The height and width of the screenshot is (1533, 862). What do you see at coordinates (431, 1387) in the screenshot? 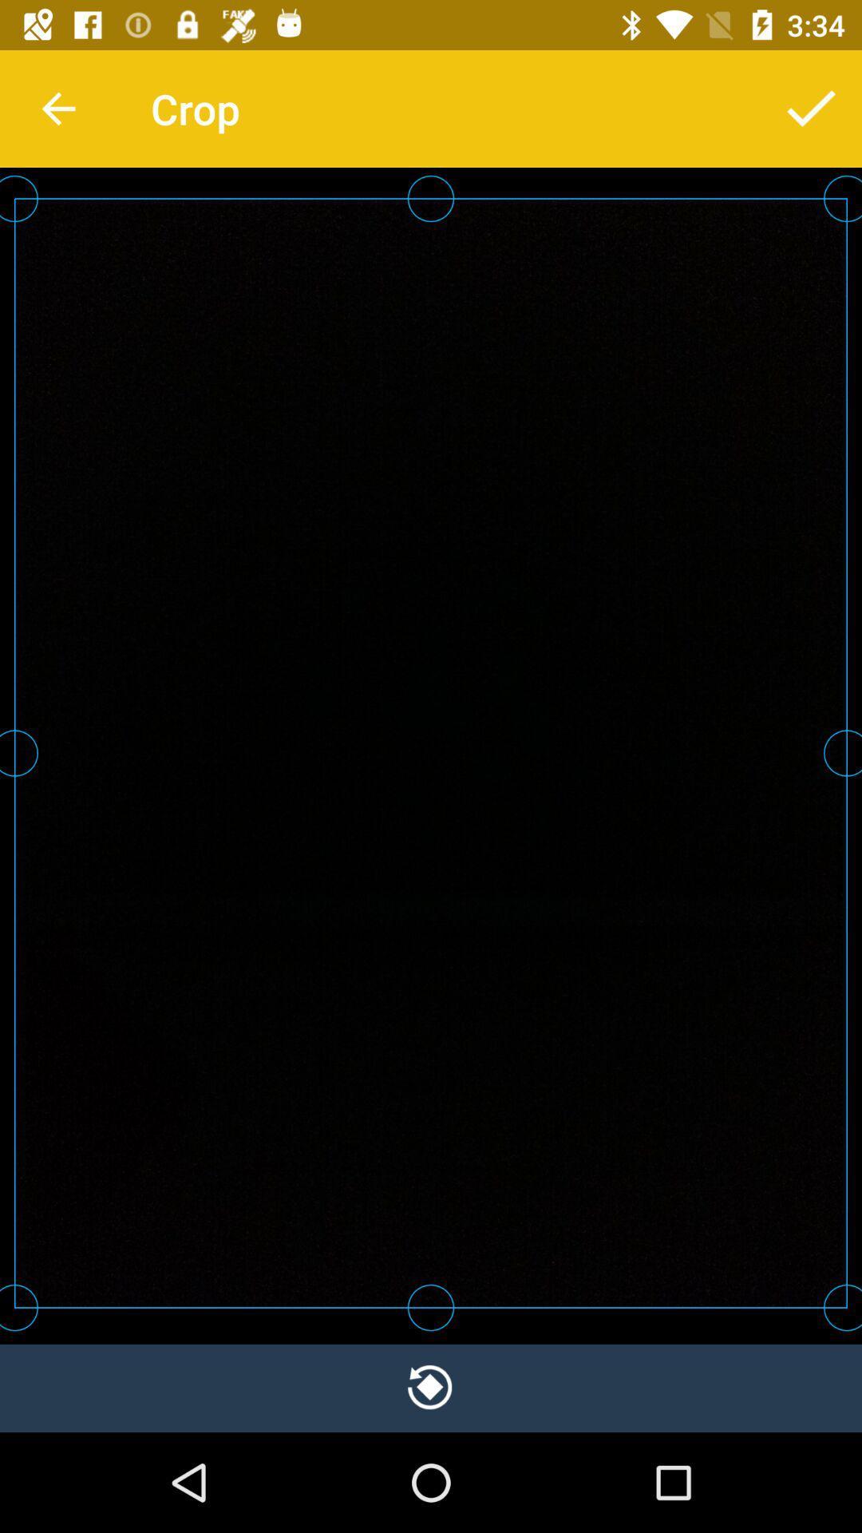
I see `previous option` at bounding box center [431, 1387].